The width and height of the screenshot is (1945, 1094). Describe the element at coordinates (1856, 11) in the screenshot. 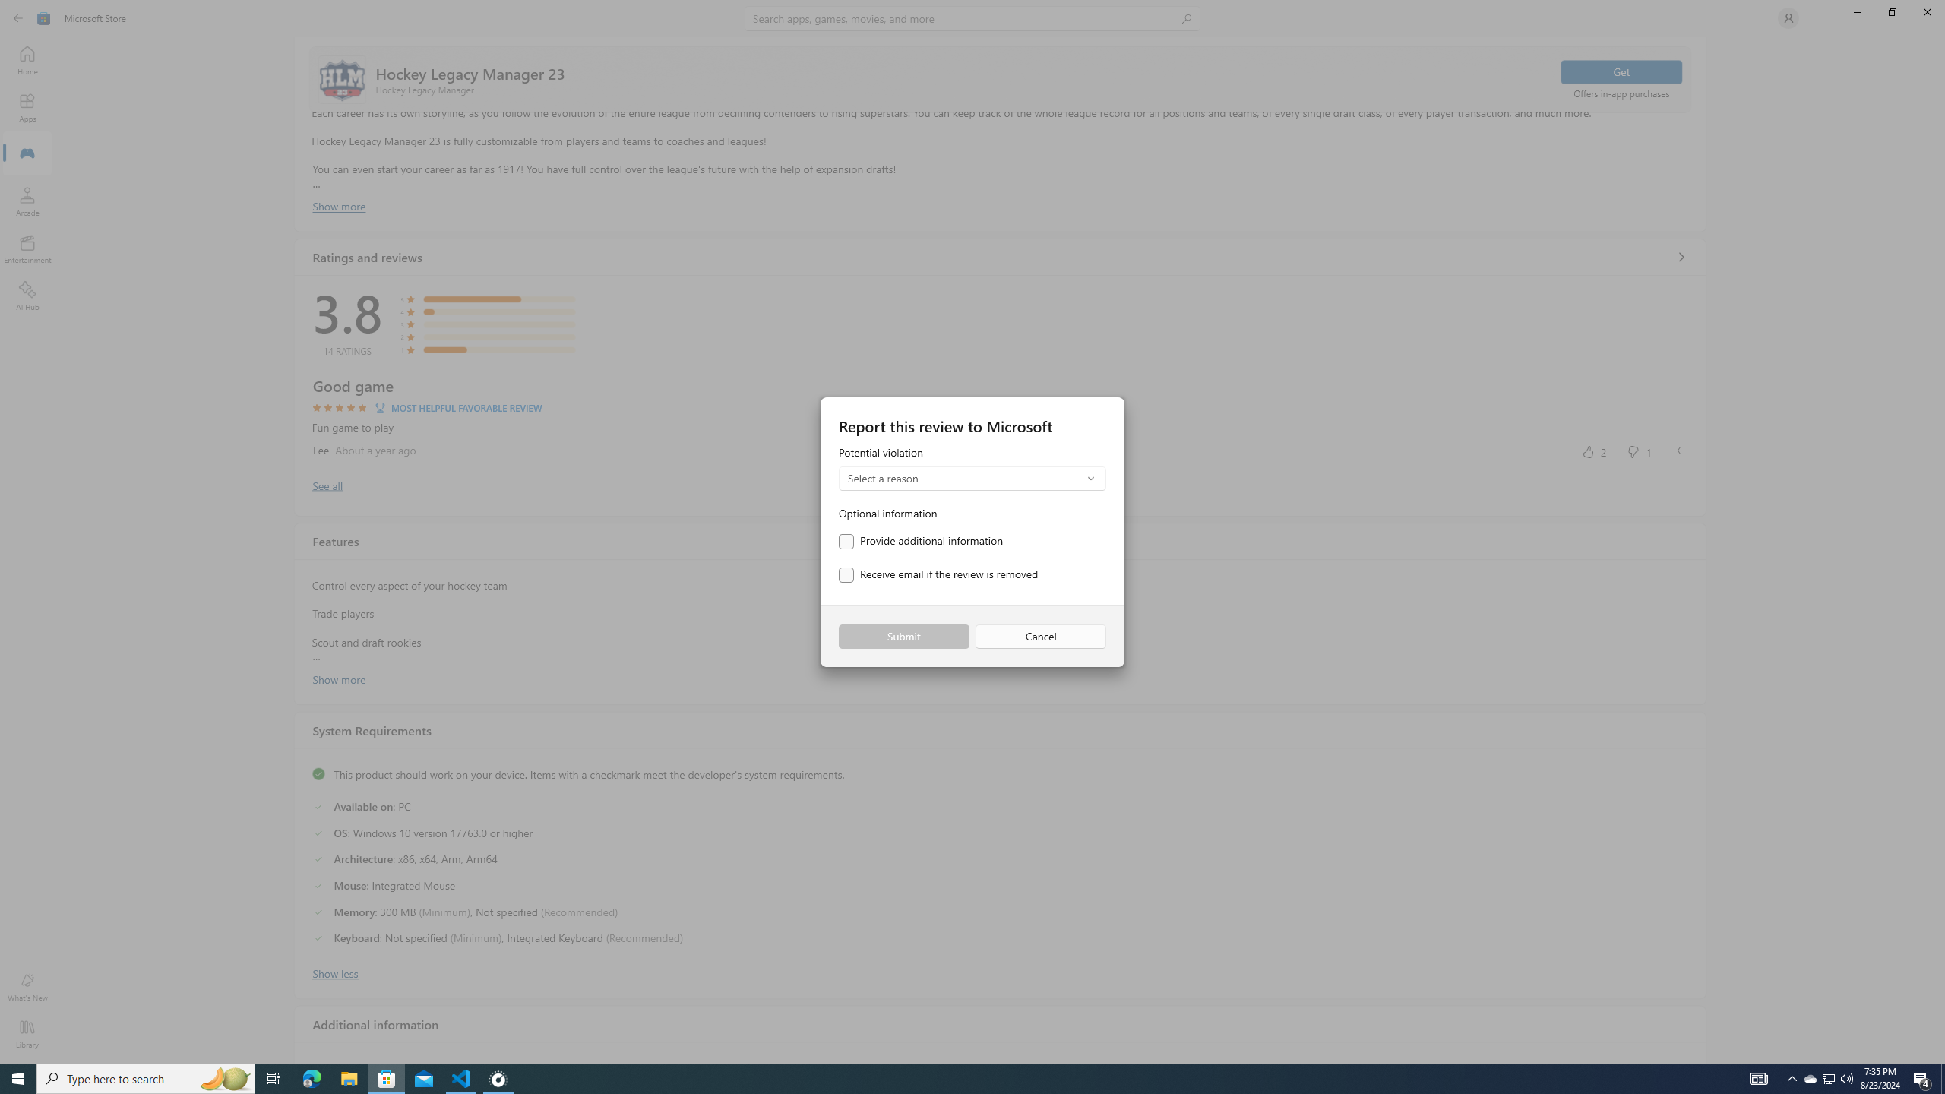

I see `'Minimize Microsoft Store'` at that location.